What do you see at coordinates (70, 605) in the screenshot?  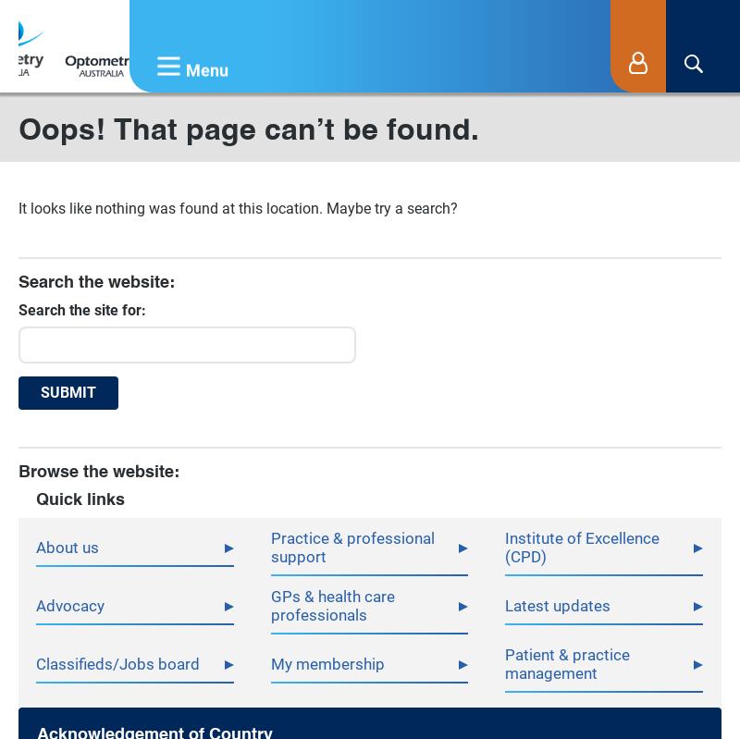 I see `'Advocacy'` at bounding box center [70, 605].